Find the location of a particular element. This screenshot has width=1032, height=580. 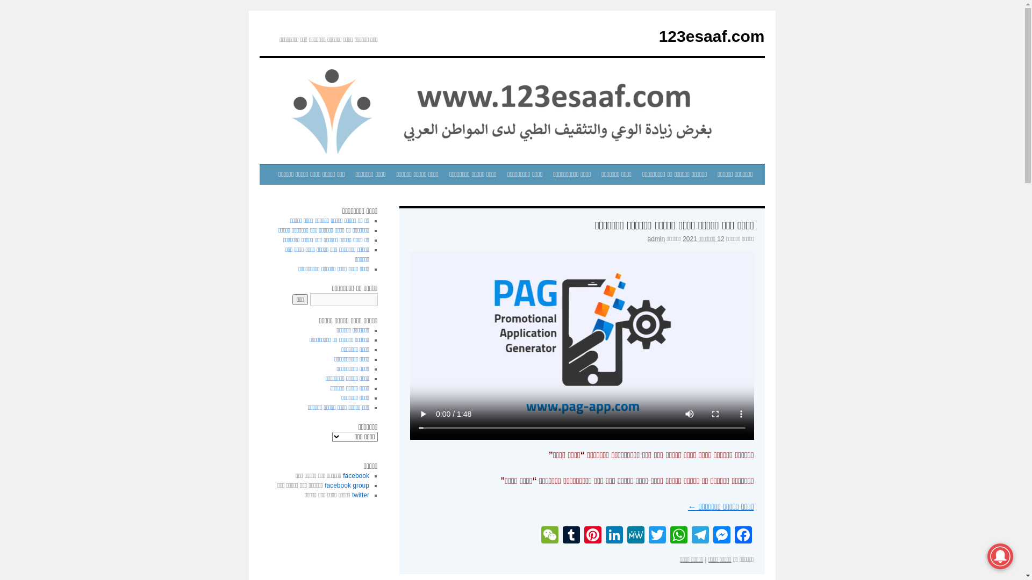

'WeChat' is located at coordinates (549, 536).